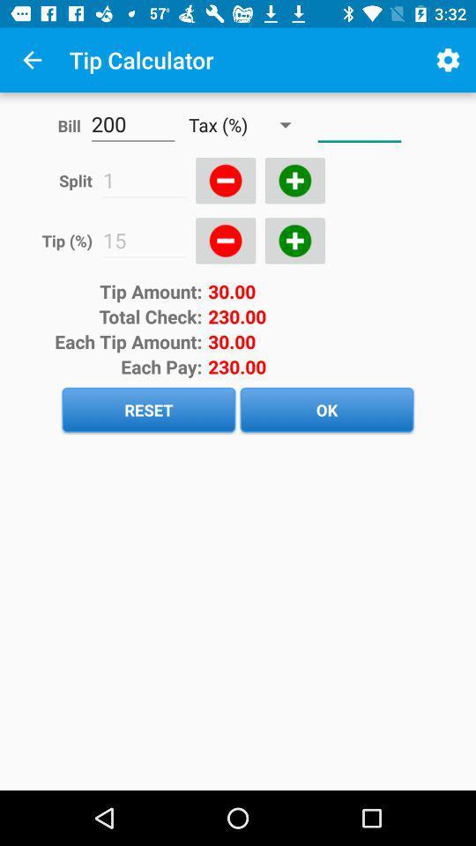  I want to click on decline, so click(226, 240).